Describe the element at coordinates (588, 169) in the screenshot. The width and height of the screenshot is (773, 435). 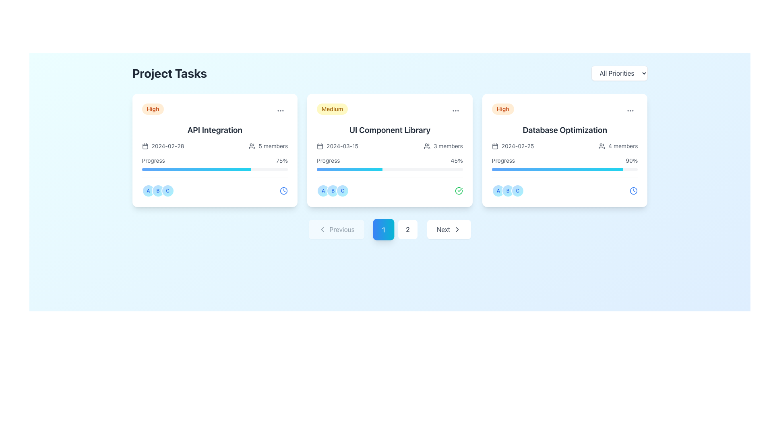
I see `progress` at that location.